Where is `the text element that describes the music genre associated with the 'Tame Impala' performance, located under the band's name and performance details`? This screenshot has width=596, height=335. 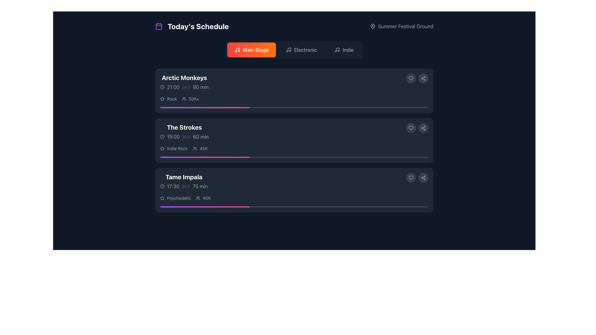
the text element that describes the music genre associated with the 'Tame Impala' performance, located under the band's name and performance details is located at coordinates (178, 198).